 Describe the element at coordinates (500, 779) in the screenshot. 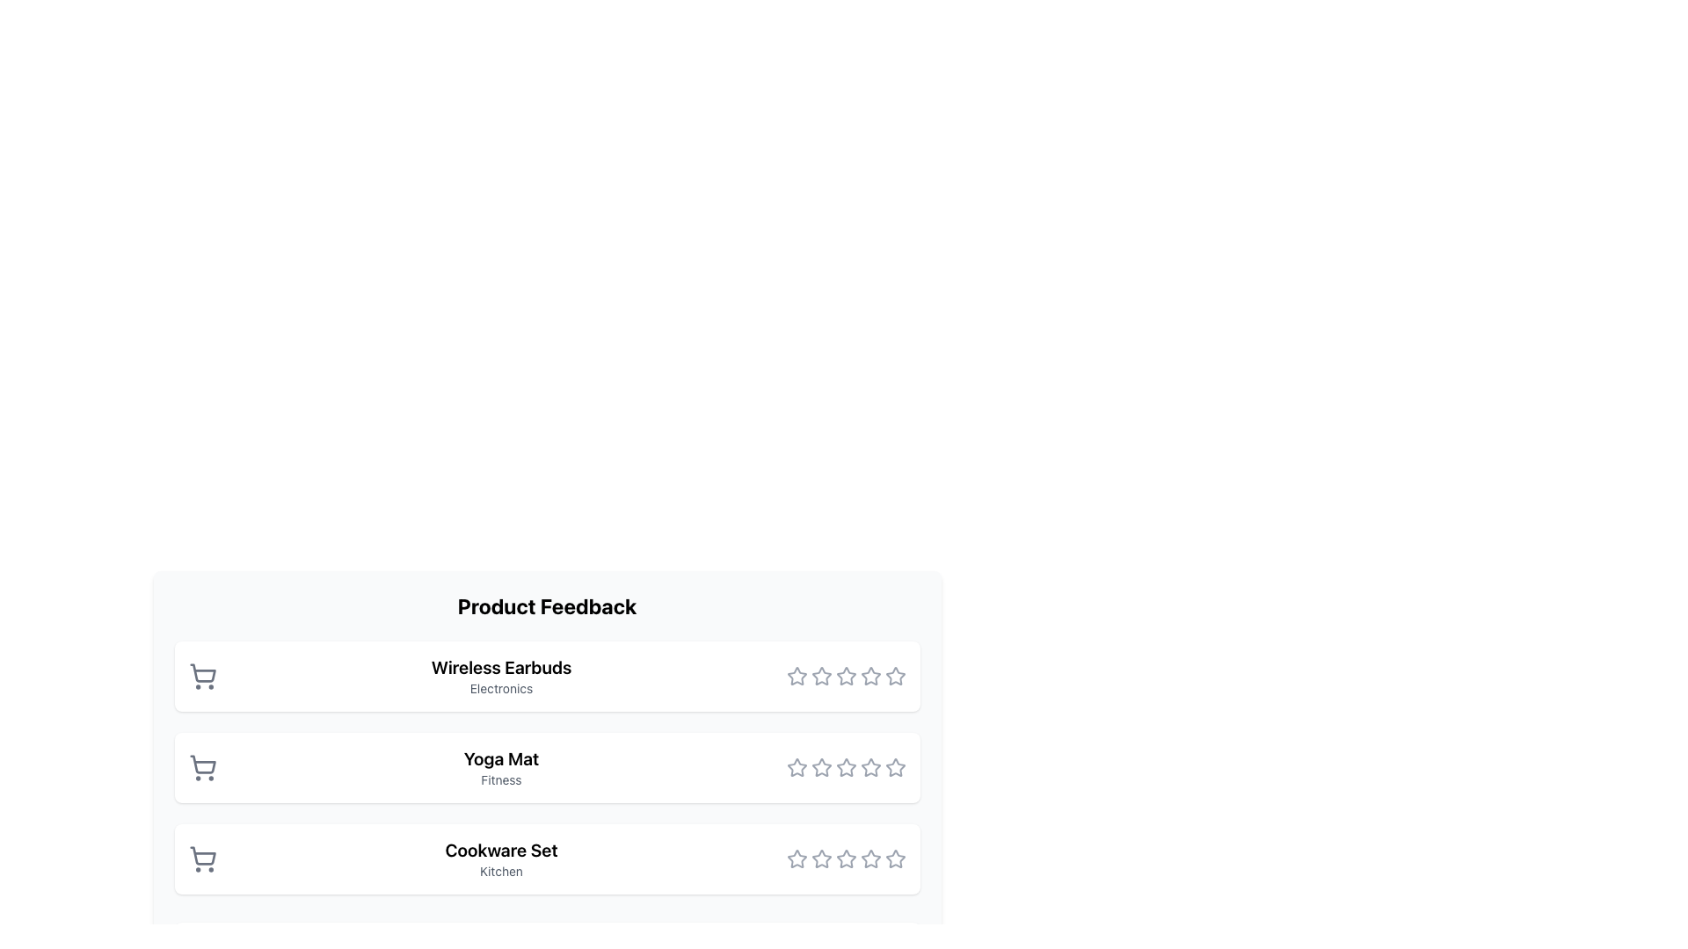

I see `the Text label that serves as a category descriptor for the item 'Yoga Mat', which is located below the item title in a list-like structure` at that location.